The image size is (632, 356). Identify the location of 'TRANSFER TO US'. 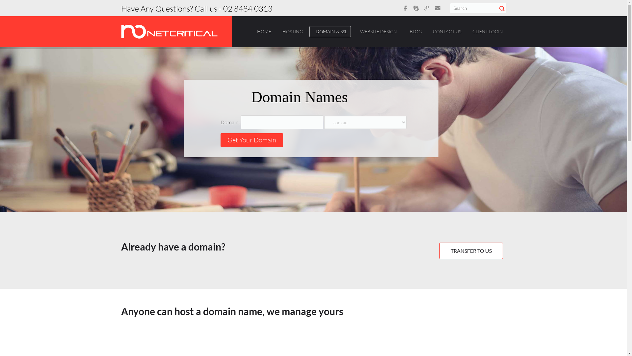
(470, 251).